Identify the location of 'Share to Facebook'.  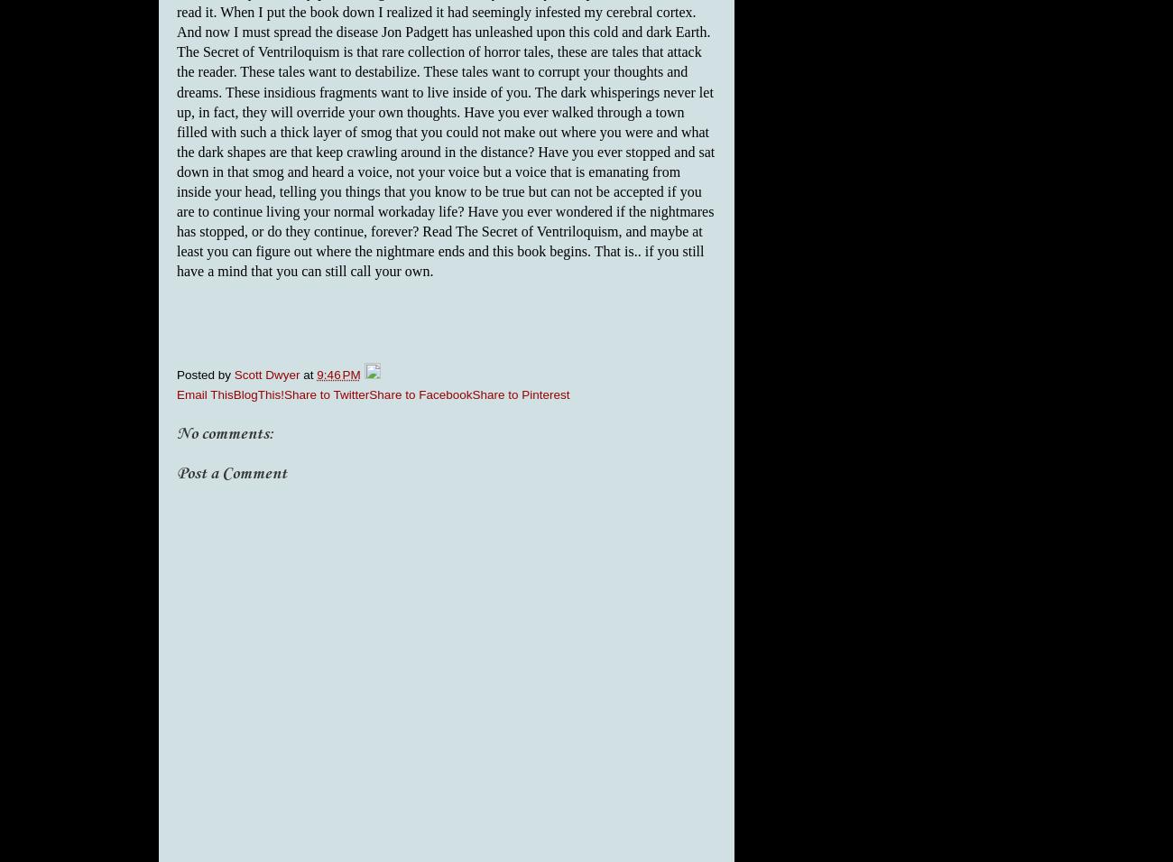
(420, 393).